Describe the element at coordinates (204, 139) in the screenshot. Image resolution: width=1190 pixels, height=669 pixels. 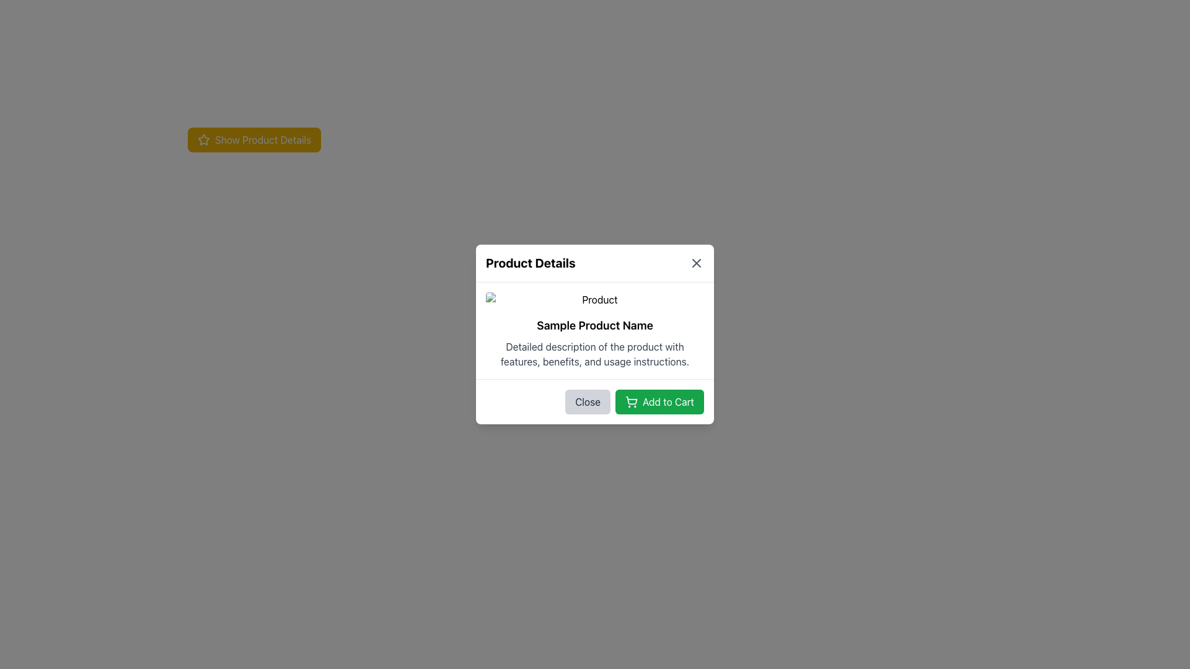
I see `the non-interactive star icon located to the left of the 'Show Product Details' text within the button-like structure` at that location.